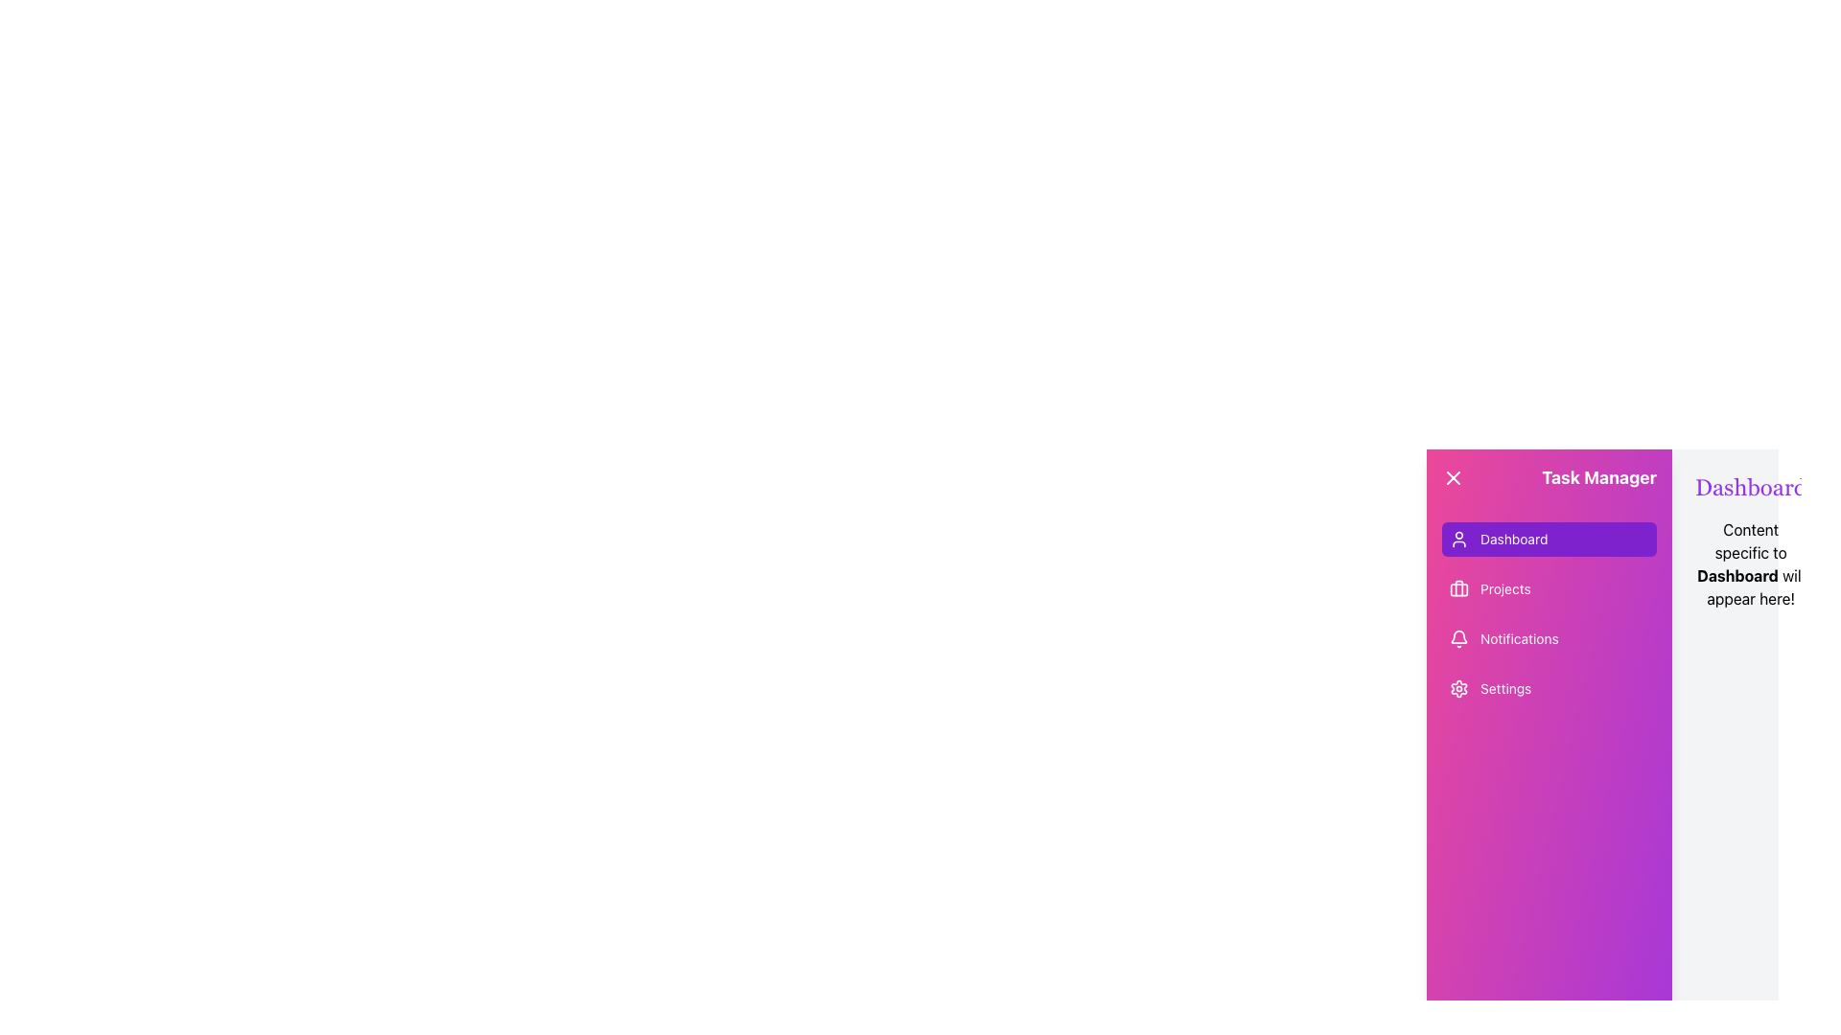  I want to click on the user silhouette icon with a thin outline on a purple background, located to the left of the 'Dashboard' text in the menu bar, so click(1457, 540).